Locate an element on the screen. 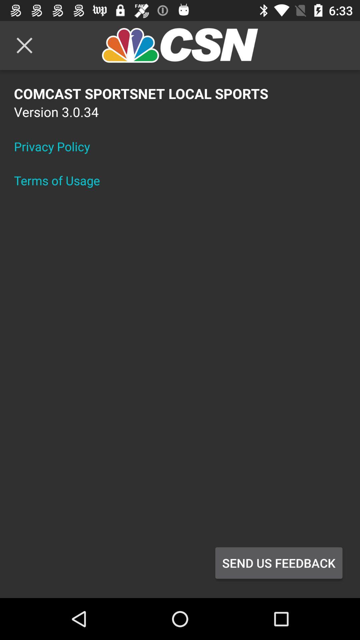  the icon below privacy policy icon is located at coordinates (61, 180).